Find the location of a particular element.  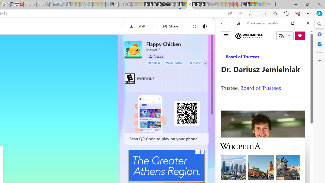

'Play Zoo Boom in your browser | Games from Microsoft Start' is located at coordinates (150, 4).